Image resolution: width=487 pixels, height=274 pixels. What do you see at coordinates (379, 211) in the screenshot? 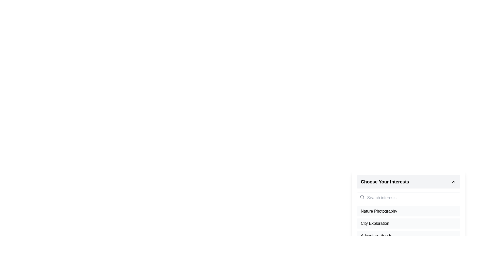
I see `the first selectable Text Label under the 'Choose Your Interests' section` at bounding box center [379, 211].